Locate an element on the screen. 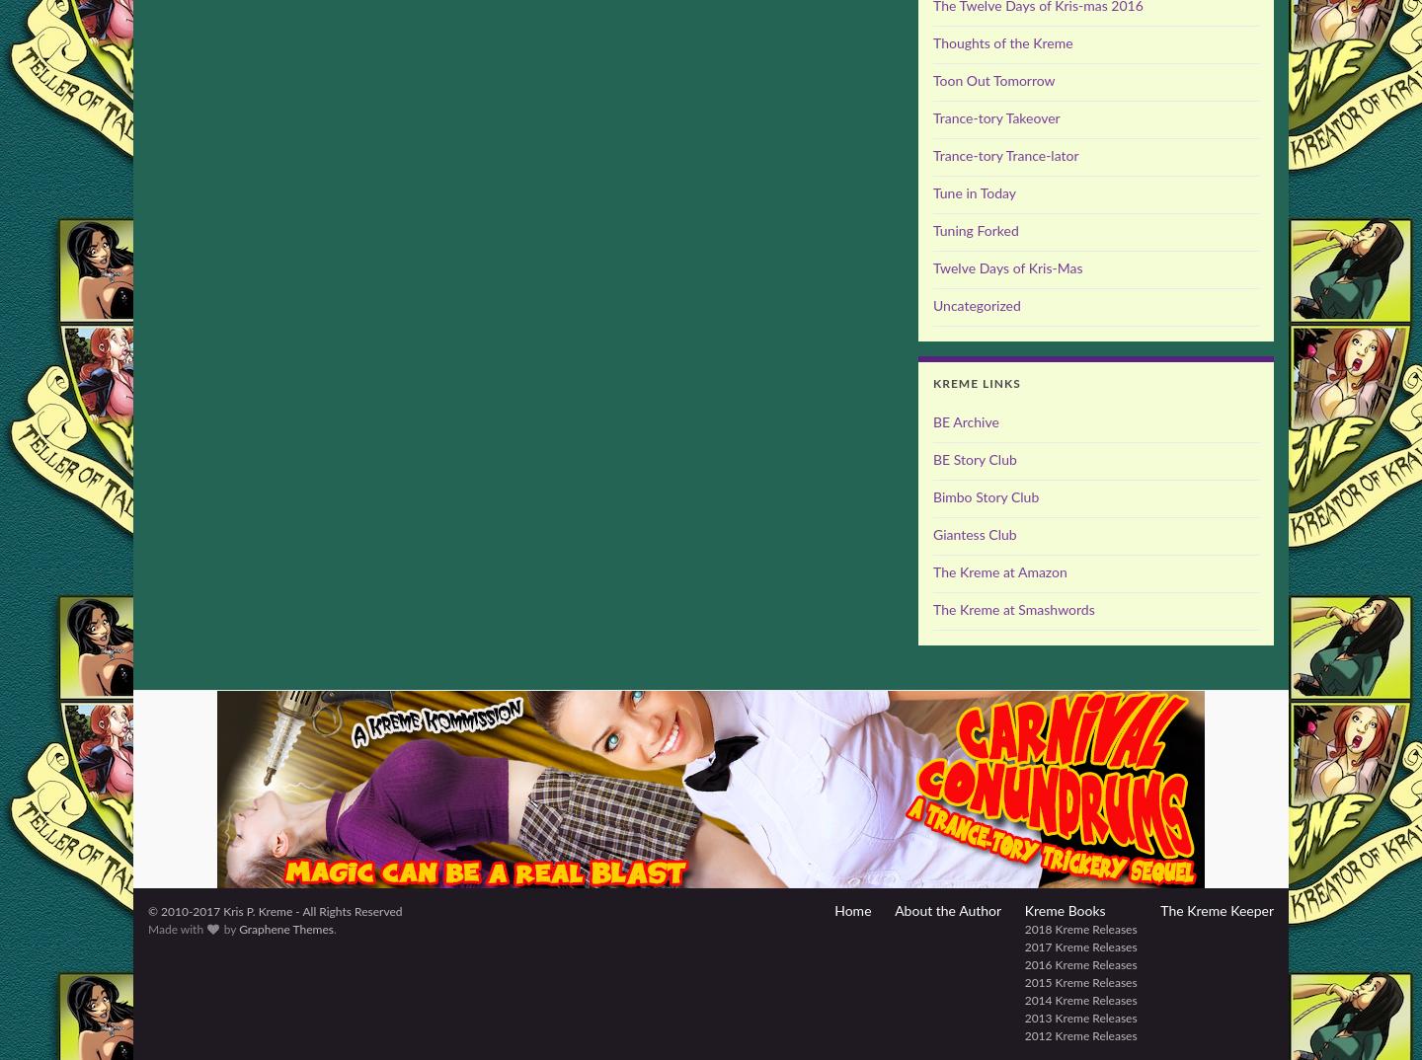 The image size is (1422, 1060). '2015 Kreme Releases' is located at coordinates (1023, 982).